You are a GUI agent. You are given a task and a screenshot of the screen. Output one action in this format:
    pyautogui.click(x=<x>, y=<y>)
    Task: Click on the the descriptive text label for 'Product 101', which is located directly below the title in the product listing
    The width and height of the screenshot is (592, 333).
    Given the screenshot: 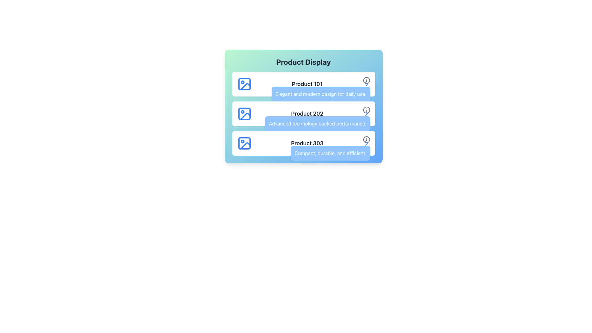 What is the action you would take?
    pyautogui.click(x=321, y=94)
    